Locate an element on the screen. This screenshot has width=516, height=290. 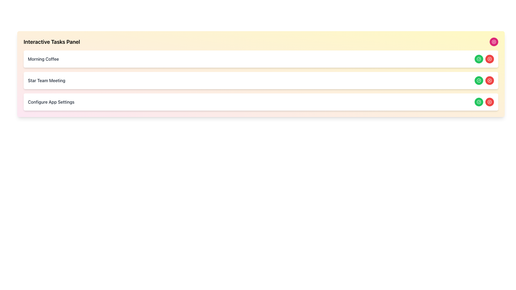
the confirmation button located to the right of the text 'Configure App Settings' in the bottommost row to signify that the corresponding task is approved or completed is located at coordinates (479, 102).